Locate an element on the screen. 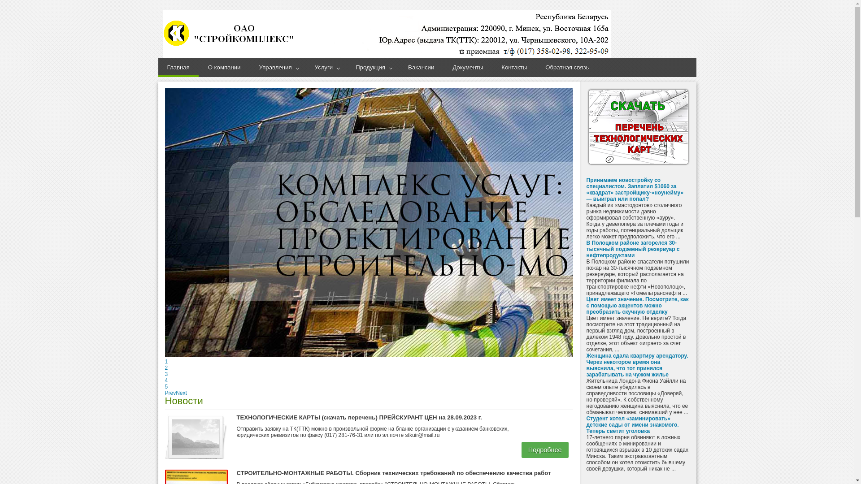 Image resolution: width=861 pixels, height=484 pixels. '5' is located at coordinates (166, 386).